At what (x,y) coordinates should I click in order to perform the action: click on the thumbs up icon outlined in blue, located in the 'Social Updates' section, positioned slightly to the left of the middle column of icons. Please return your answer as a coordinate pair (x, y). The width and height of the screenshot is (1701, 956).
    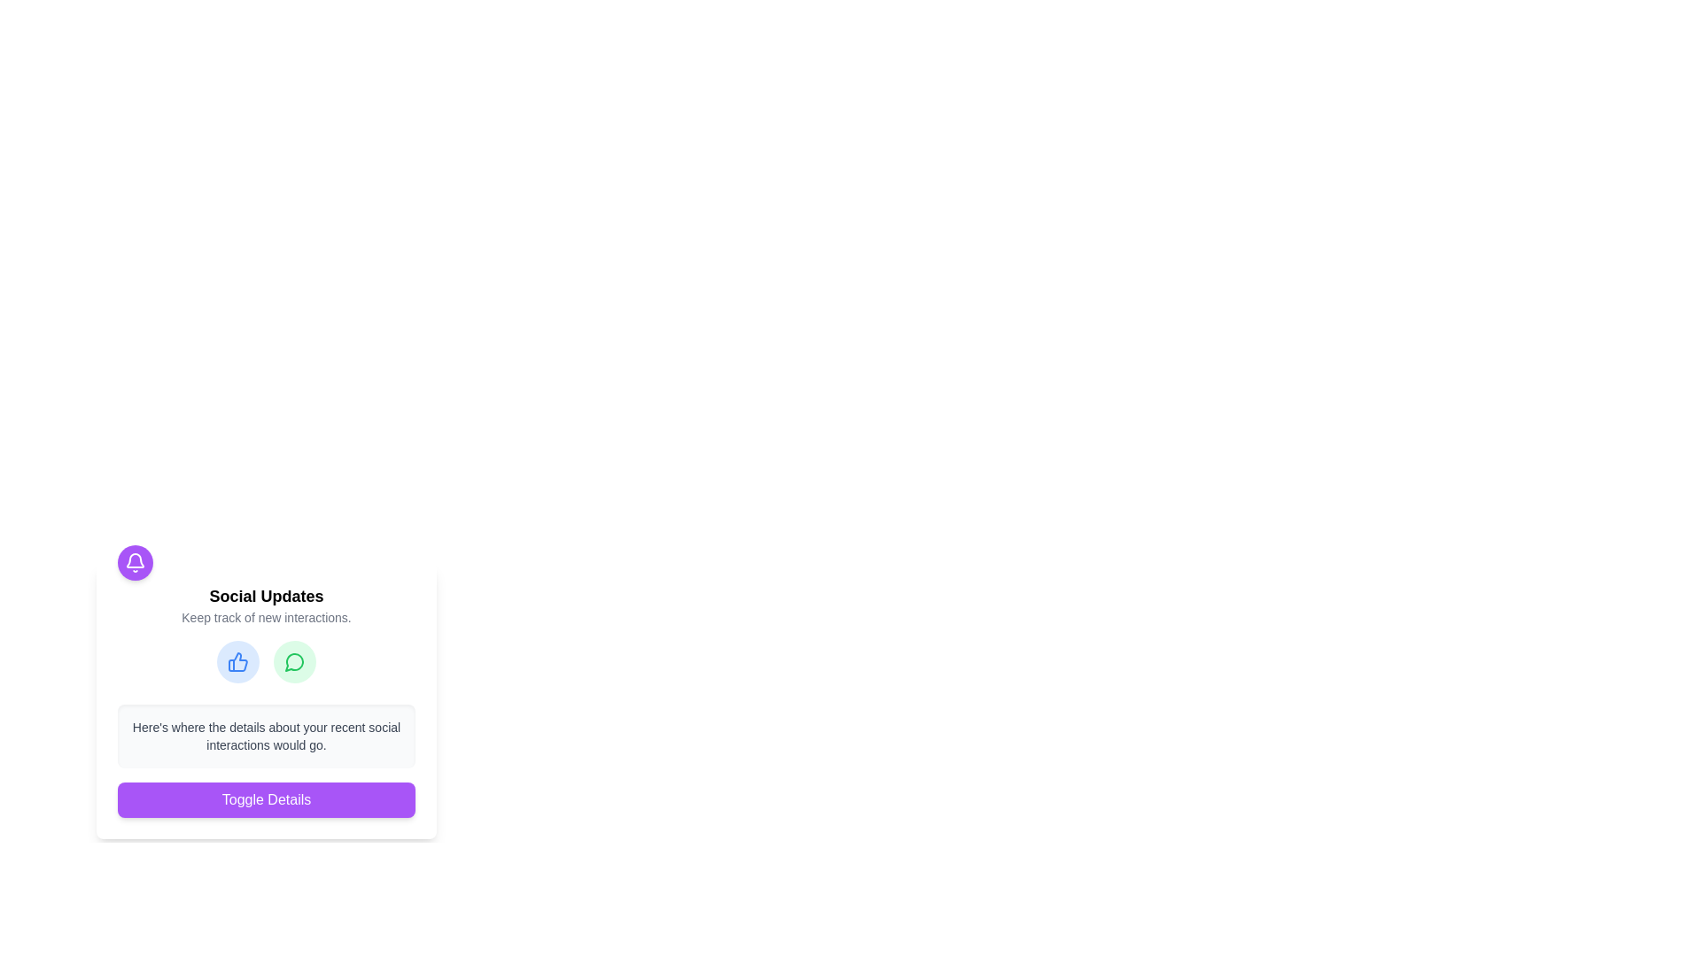
    Looking at the image, I should click on (237, 662).